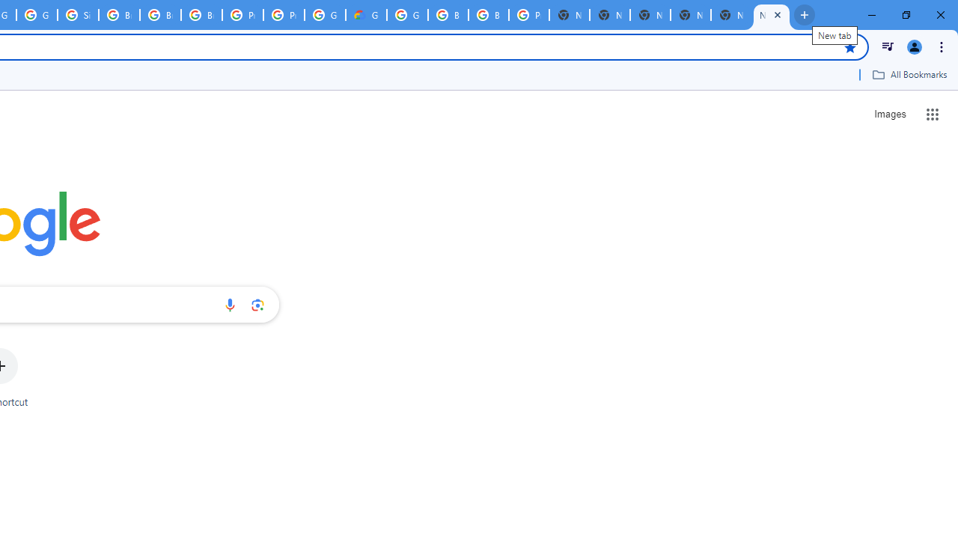  Describe the element at coordinates (77, 15) in the screenshot. I see `'Sign in - Google Accounts'` at that location.